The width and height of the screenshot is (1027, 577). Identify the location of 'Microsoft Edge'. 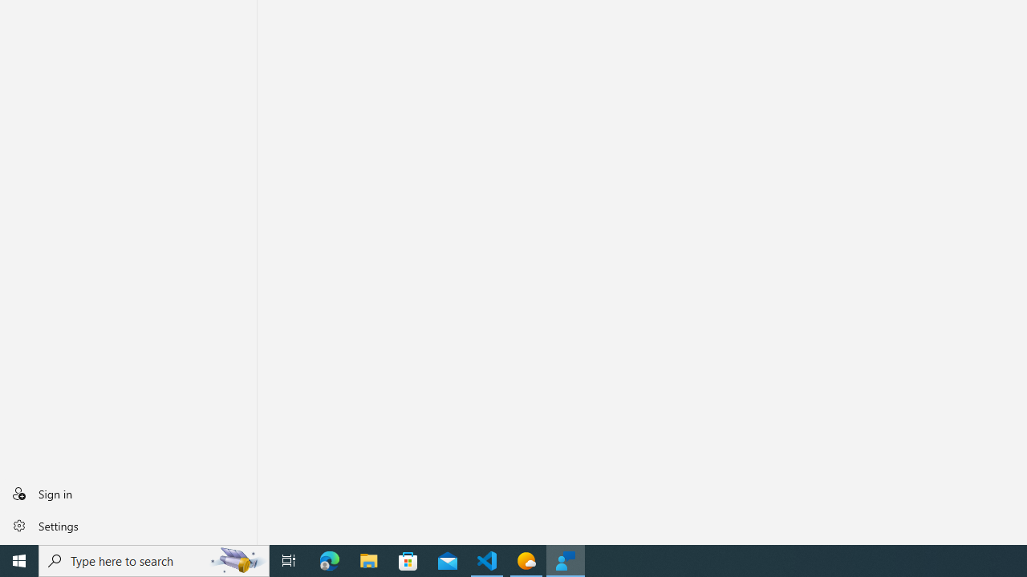
(329, 559).